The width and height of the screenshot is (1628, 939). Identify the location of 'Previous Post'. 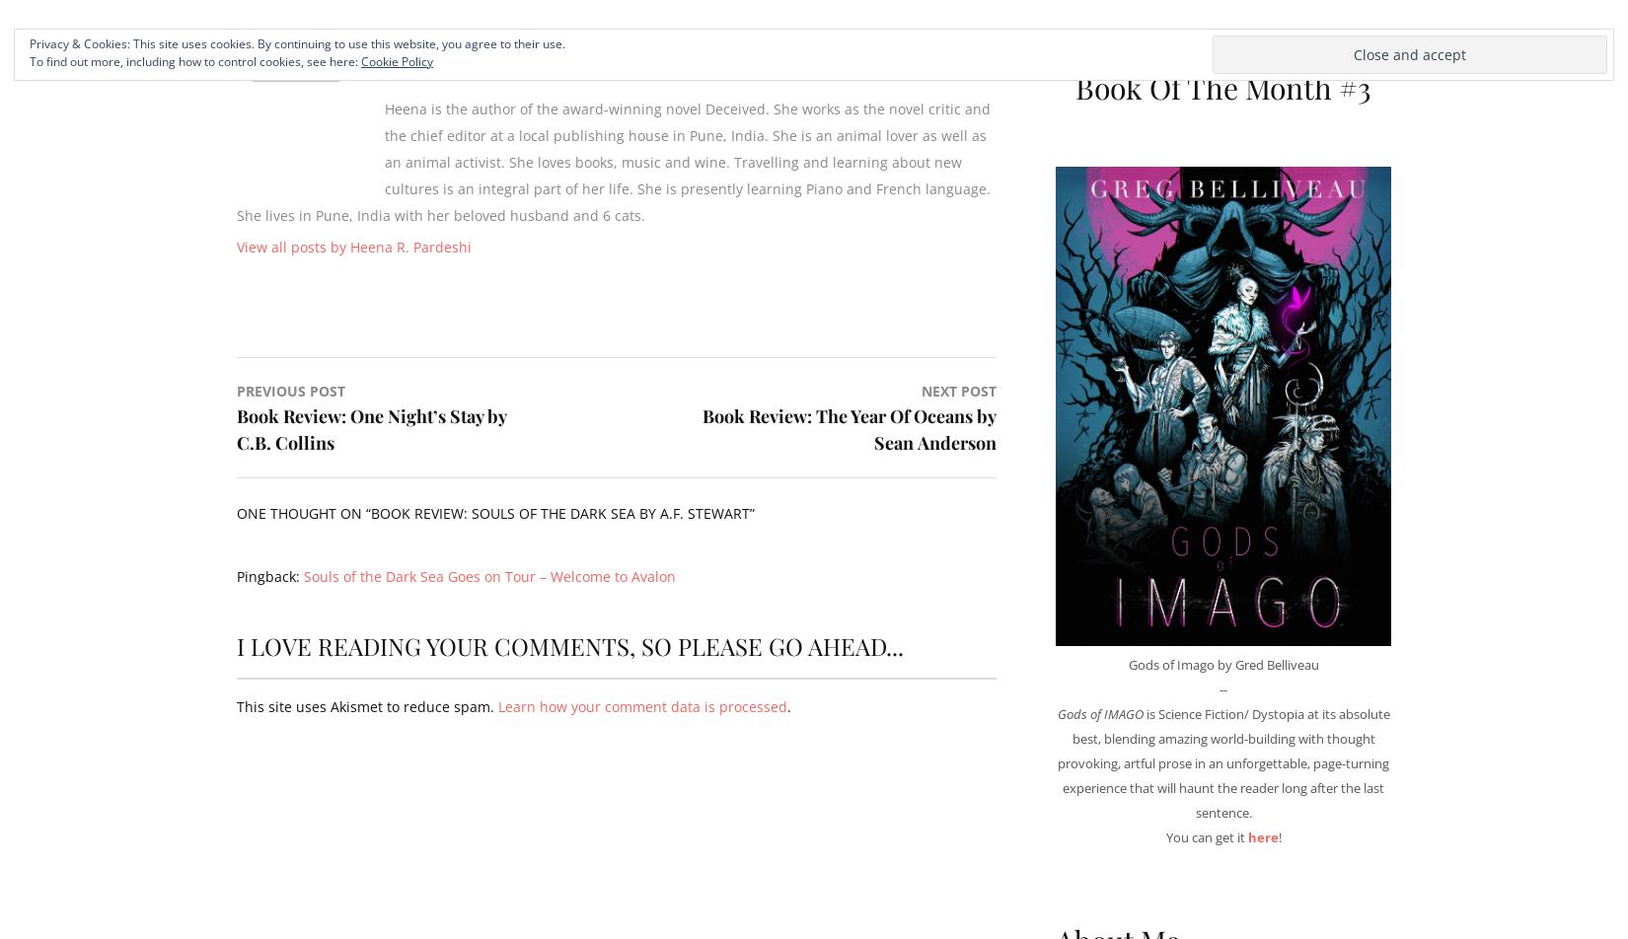
(291, 391).